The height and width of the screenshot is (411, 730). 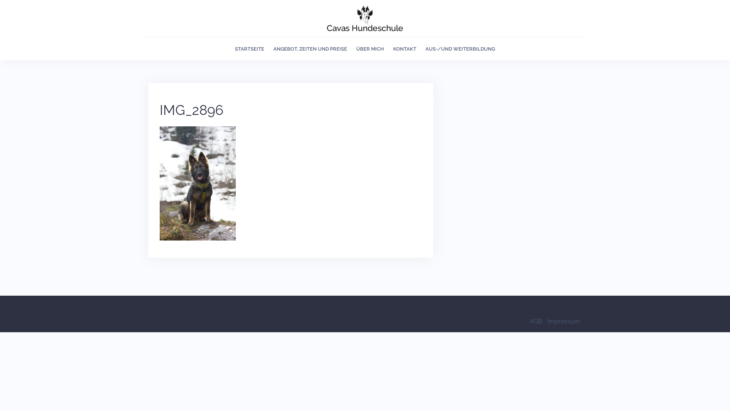 I want to click on 'STARTSEITE', so click(x=235, y=49).